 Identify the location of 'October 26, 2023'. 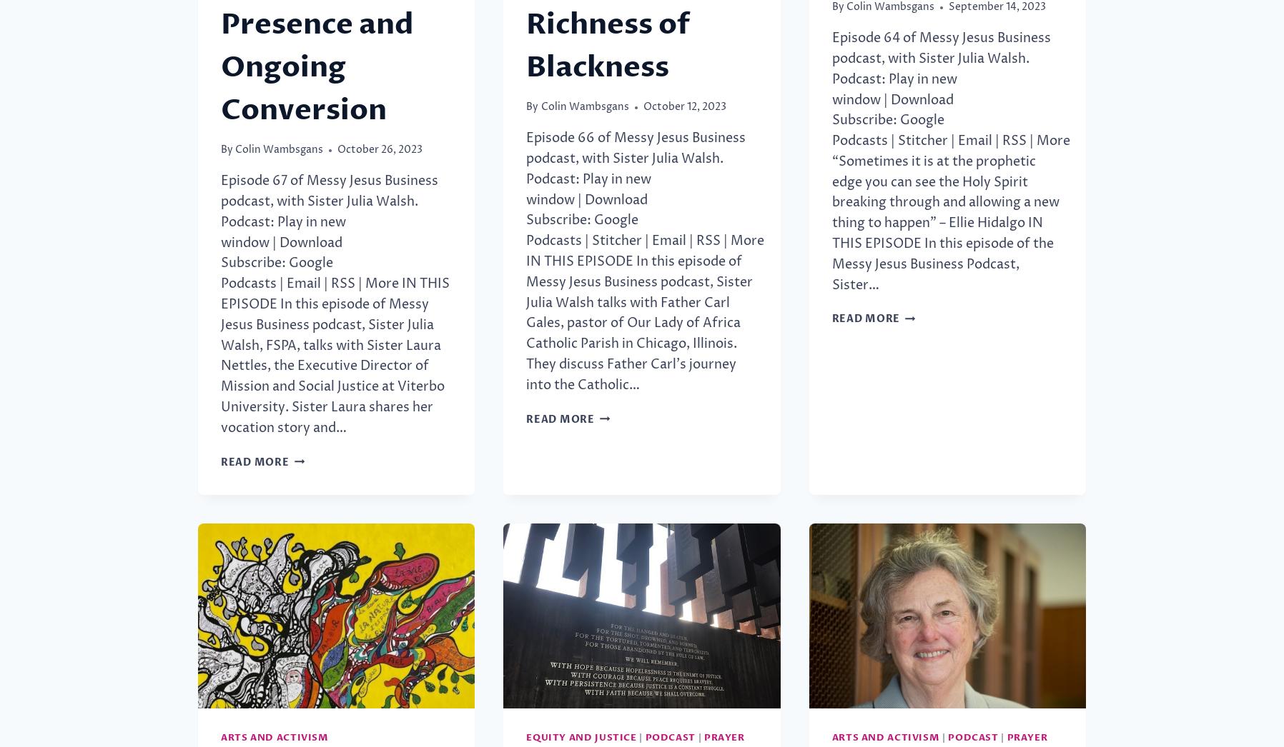
(336, 149).